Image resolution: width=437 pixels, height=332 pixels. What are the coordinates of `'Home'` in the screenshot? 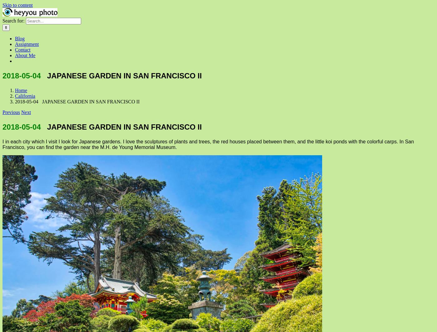 It's located at (21, 90).